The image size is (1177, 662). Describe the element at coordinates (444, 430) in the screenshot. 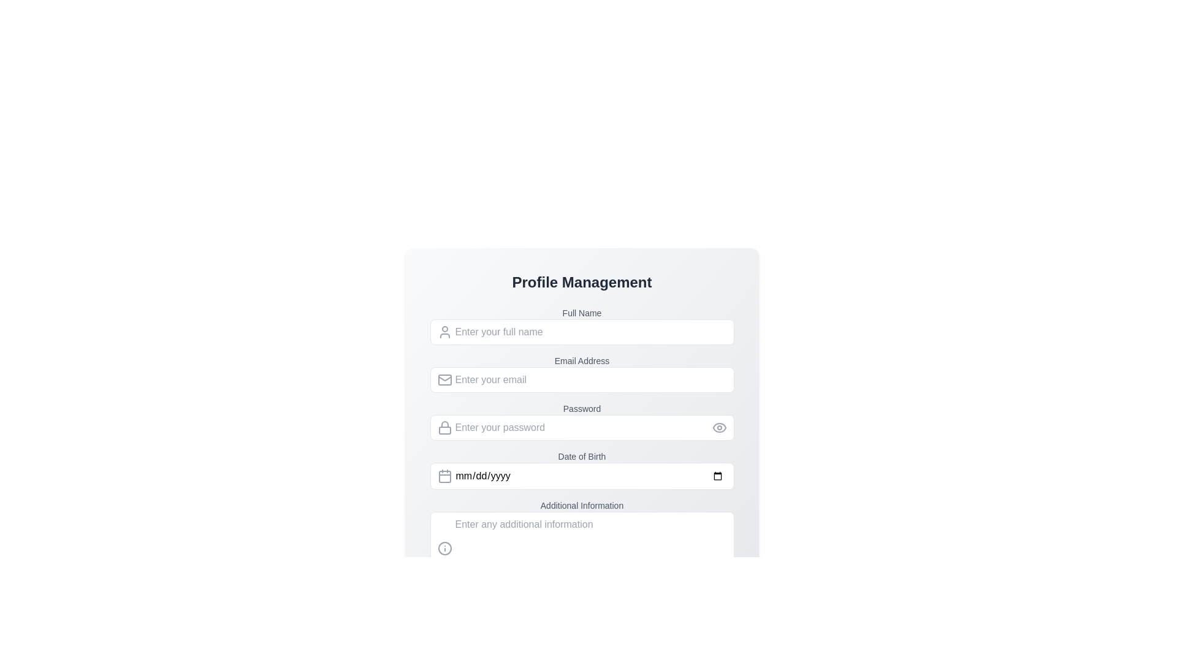

I see `the decorative graphical shape that forms the body of the lock icon, which signifies security for the associated password field` at that location.